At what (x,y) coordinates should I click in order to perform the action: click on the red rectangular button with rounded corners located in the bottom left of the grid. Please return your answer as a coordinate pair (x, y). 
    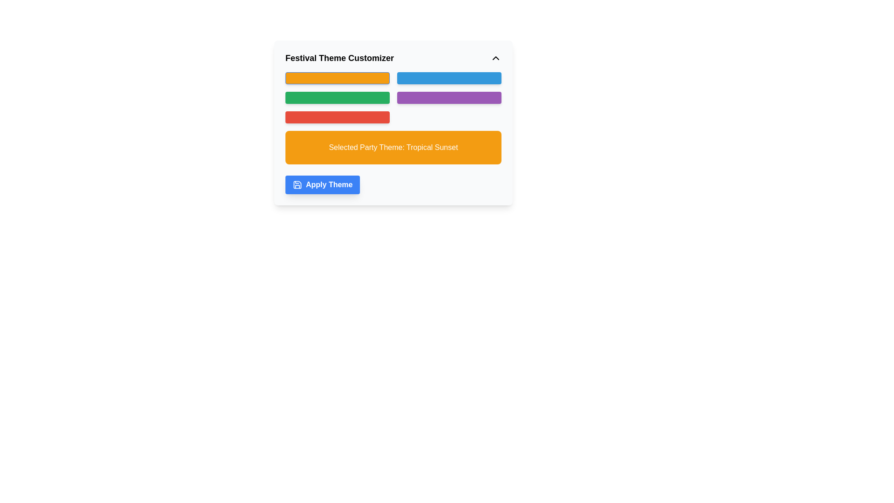
    Looking at the image, I should click on (393, 122).